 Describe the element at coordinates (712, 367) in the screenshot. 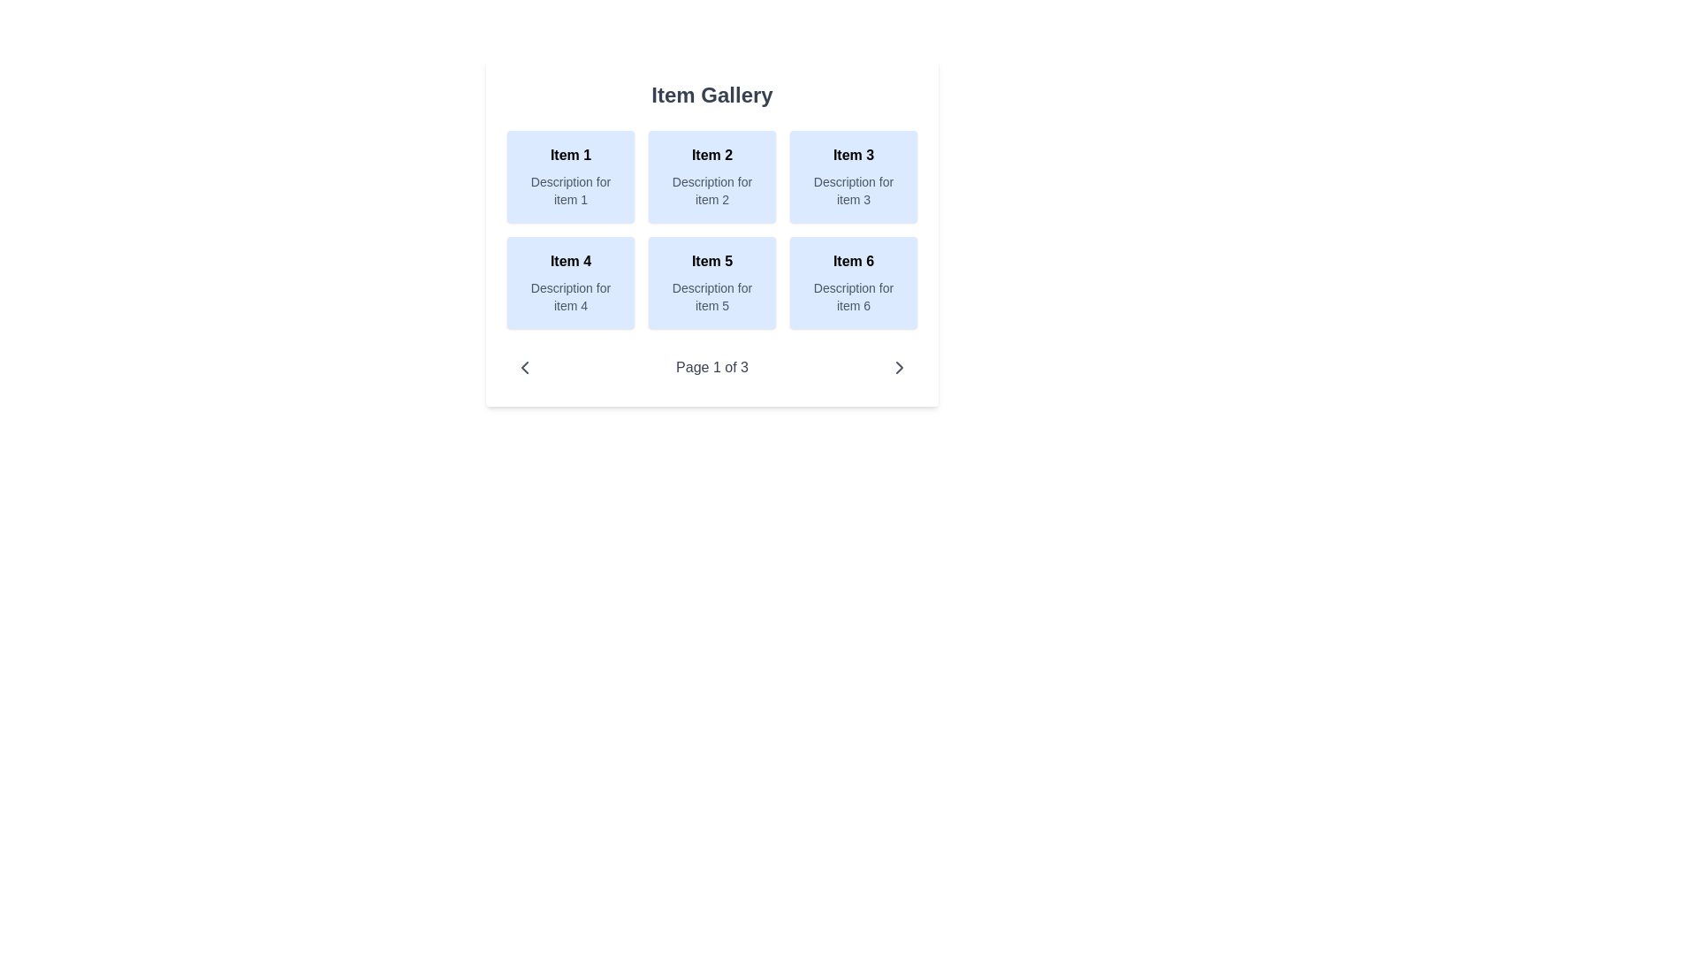

I see `the text label displaying 'Page 1 of 3' in light gray color, which indicates the current page in a multi-page navigation section` at that location.